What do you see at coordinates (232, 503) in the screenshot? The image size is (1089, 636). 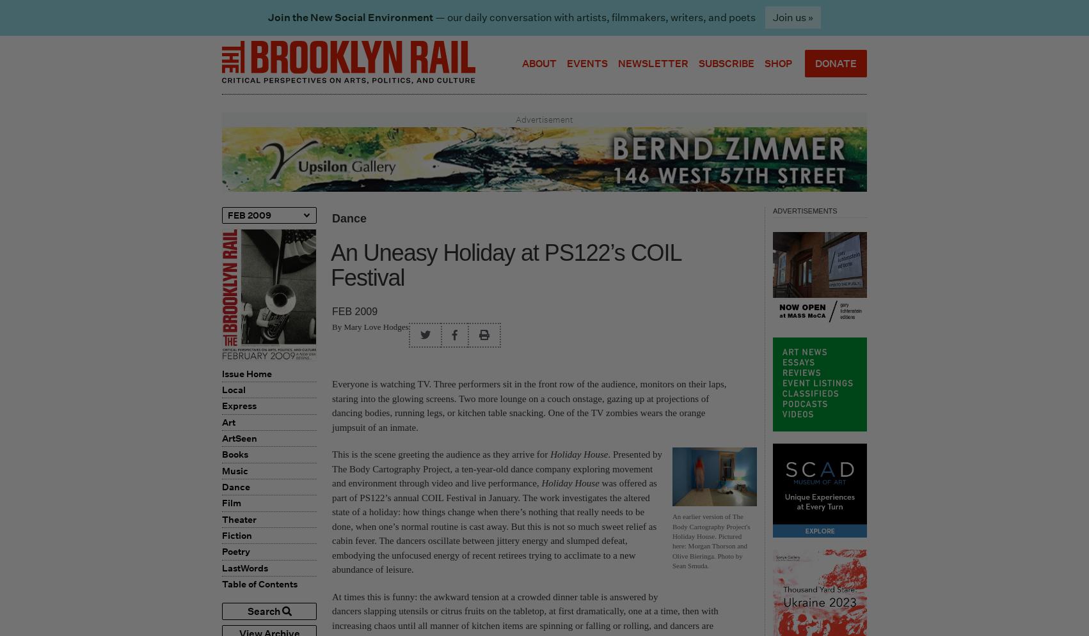 I see `'Film'` at bounding box center [232, 503].